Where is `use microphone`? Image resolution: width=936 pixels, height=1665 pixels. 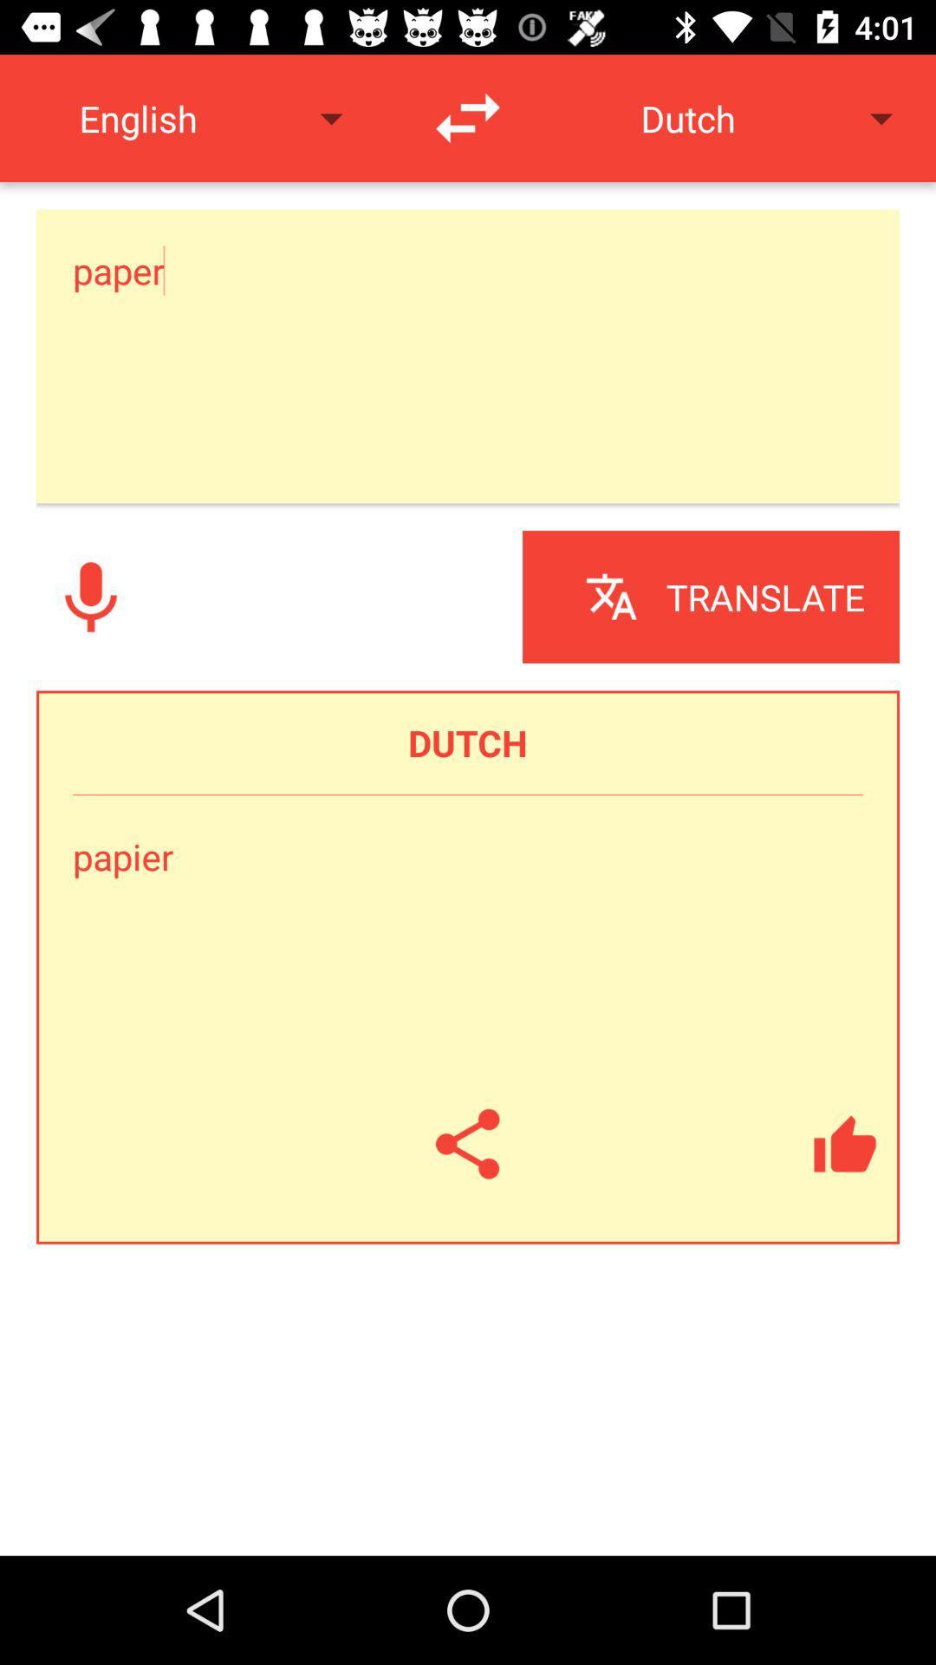
use microphone is located at coordinates (90, 597).